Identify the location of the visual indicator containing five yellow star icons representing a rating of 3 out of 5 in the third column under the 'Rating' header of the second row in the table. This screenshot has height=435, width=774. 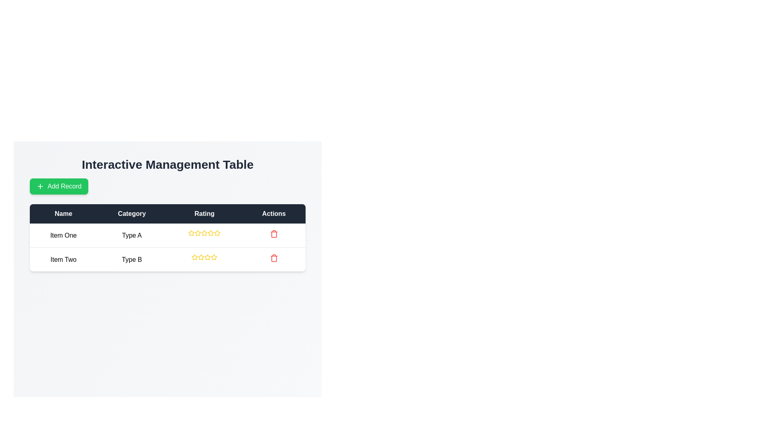
(204, 257).